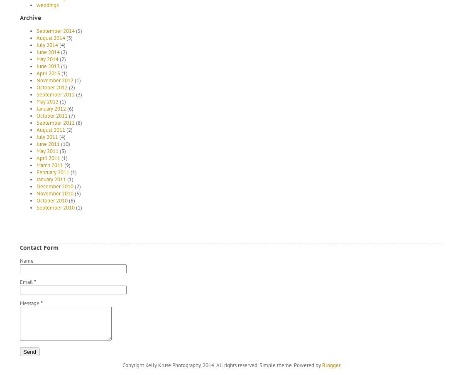 The width and height of the screenshot is (460, 375). I want to click on '(7)', so click(71, 115).